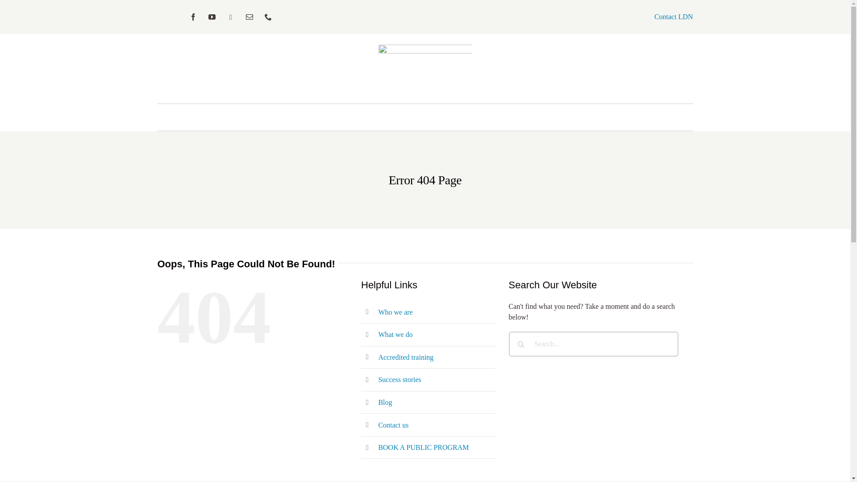  I want to click on 'Contact us', so click(393, 424).